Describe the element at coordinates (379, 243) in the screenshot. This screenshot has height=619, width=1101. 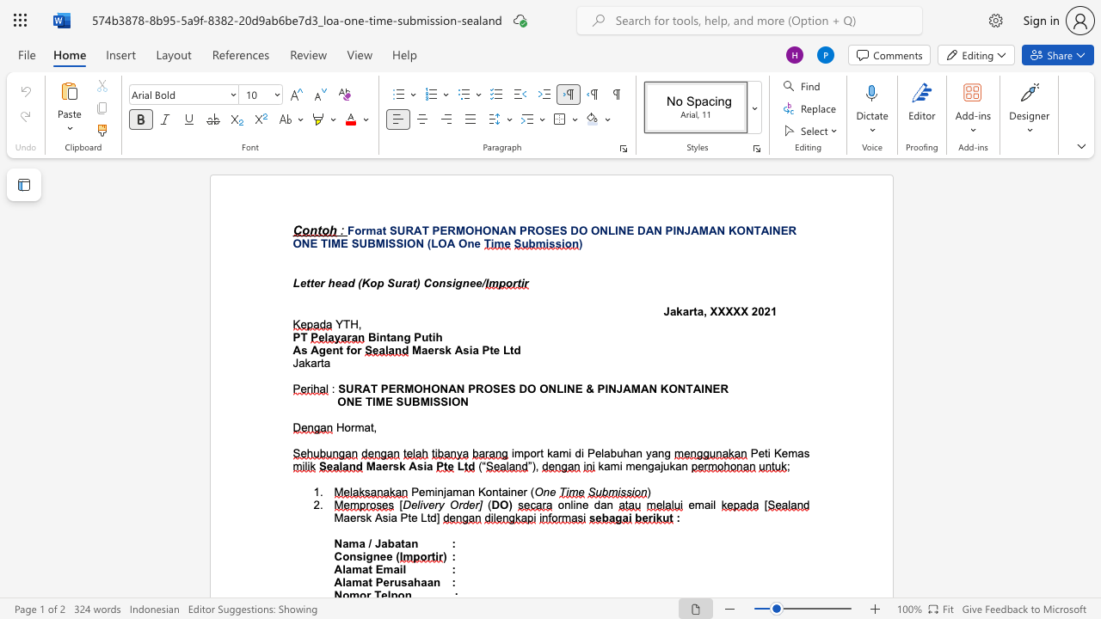
I see `the 2th character "M" in the text` at that location.